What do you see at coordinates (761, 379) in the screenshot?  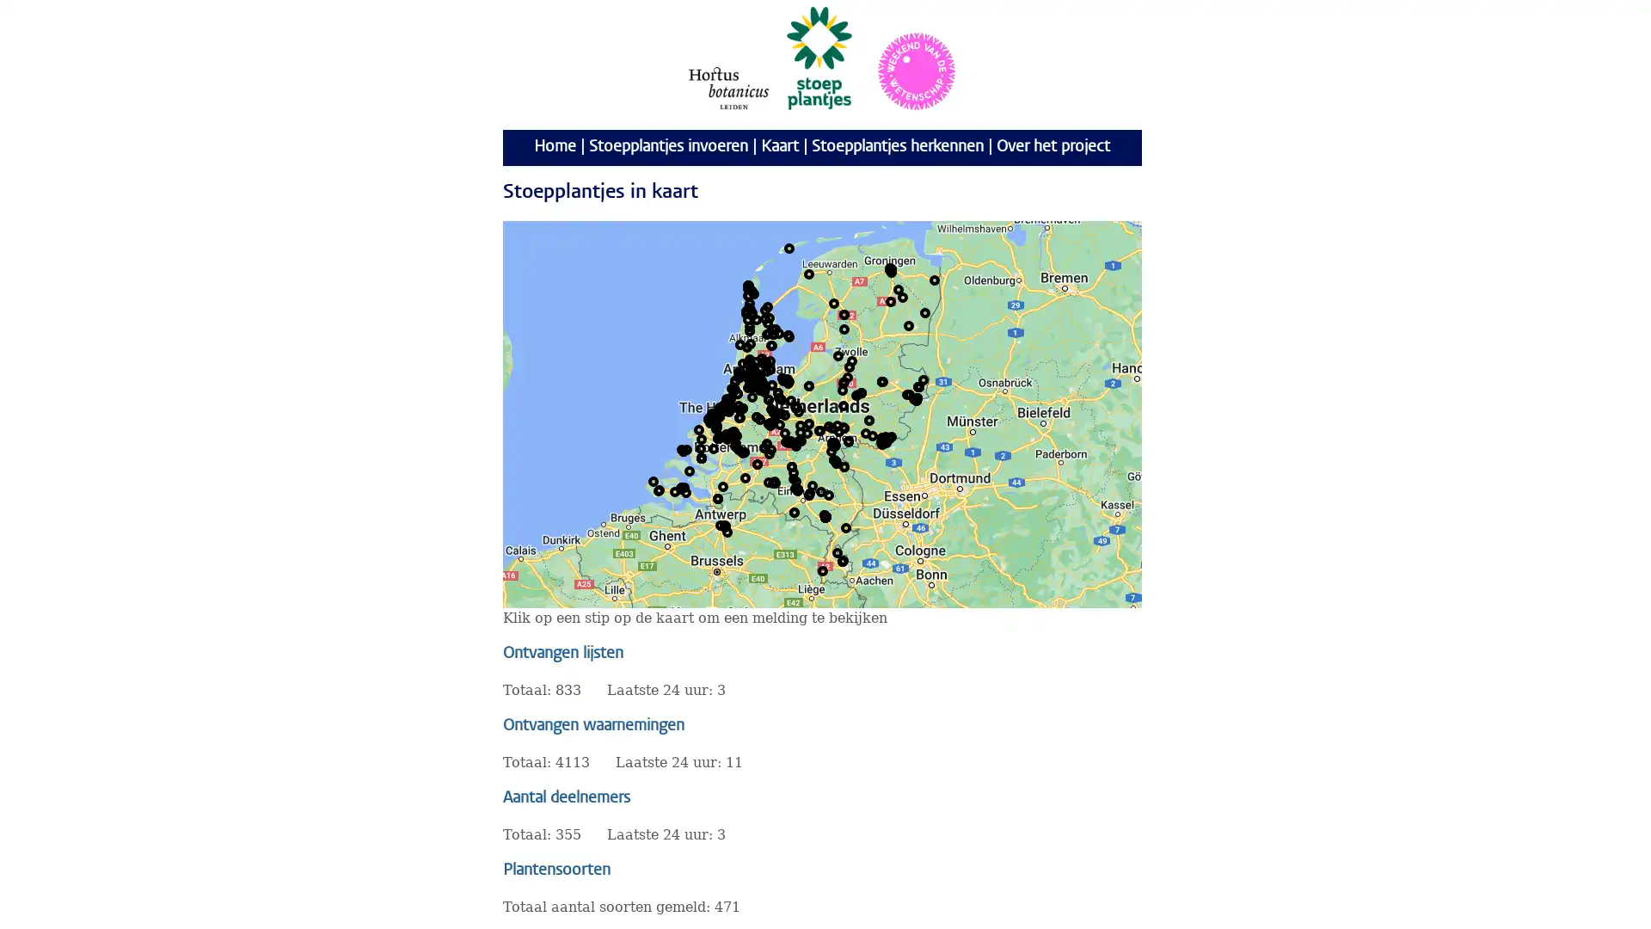 I see `Telling van op 21 december 2021` at bounding box center [761, 379].